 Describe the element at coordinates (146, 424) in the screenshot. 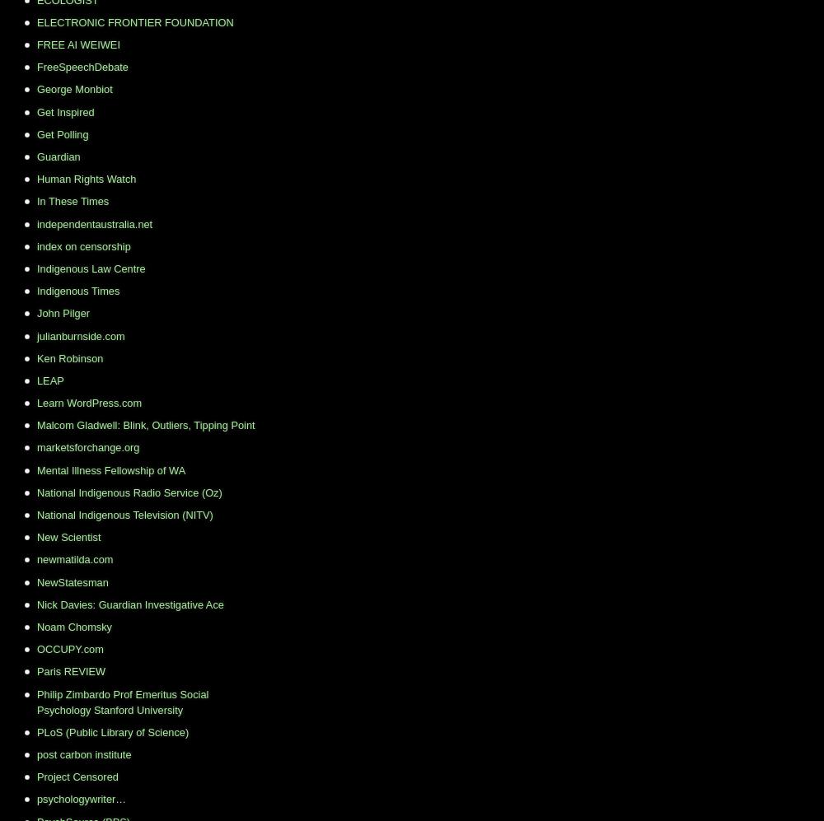

I see `'Malcom Gladwell: Blink, Outliers, Tipping Point'` at that location.